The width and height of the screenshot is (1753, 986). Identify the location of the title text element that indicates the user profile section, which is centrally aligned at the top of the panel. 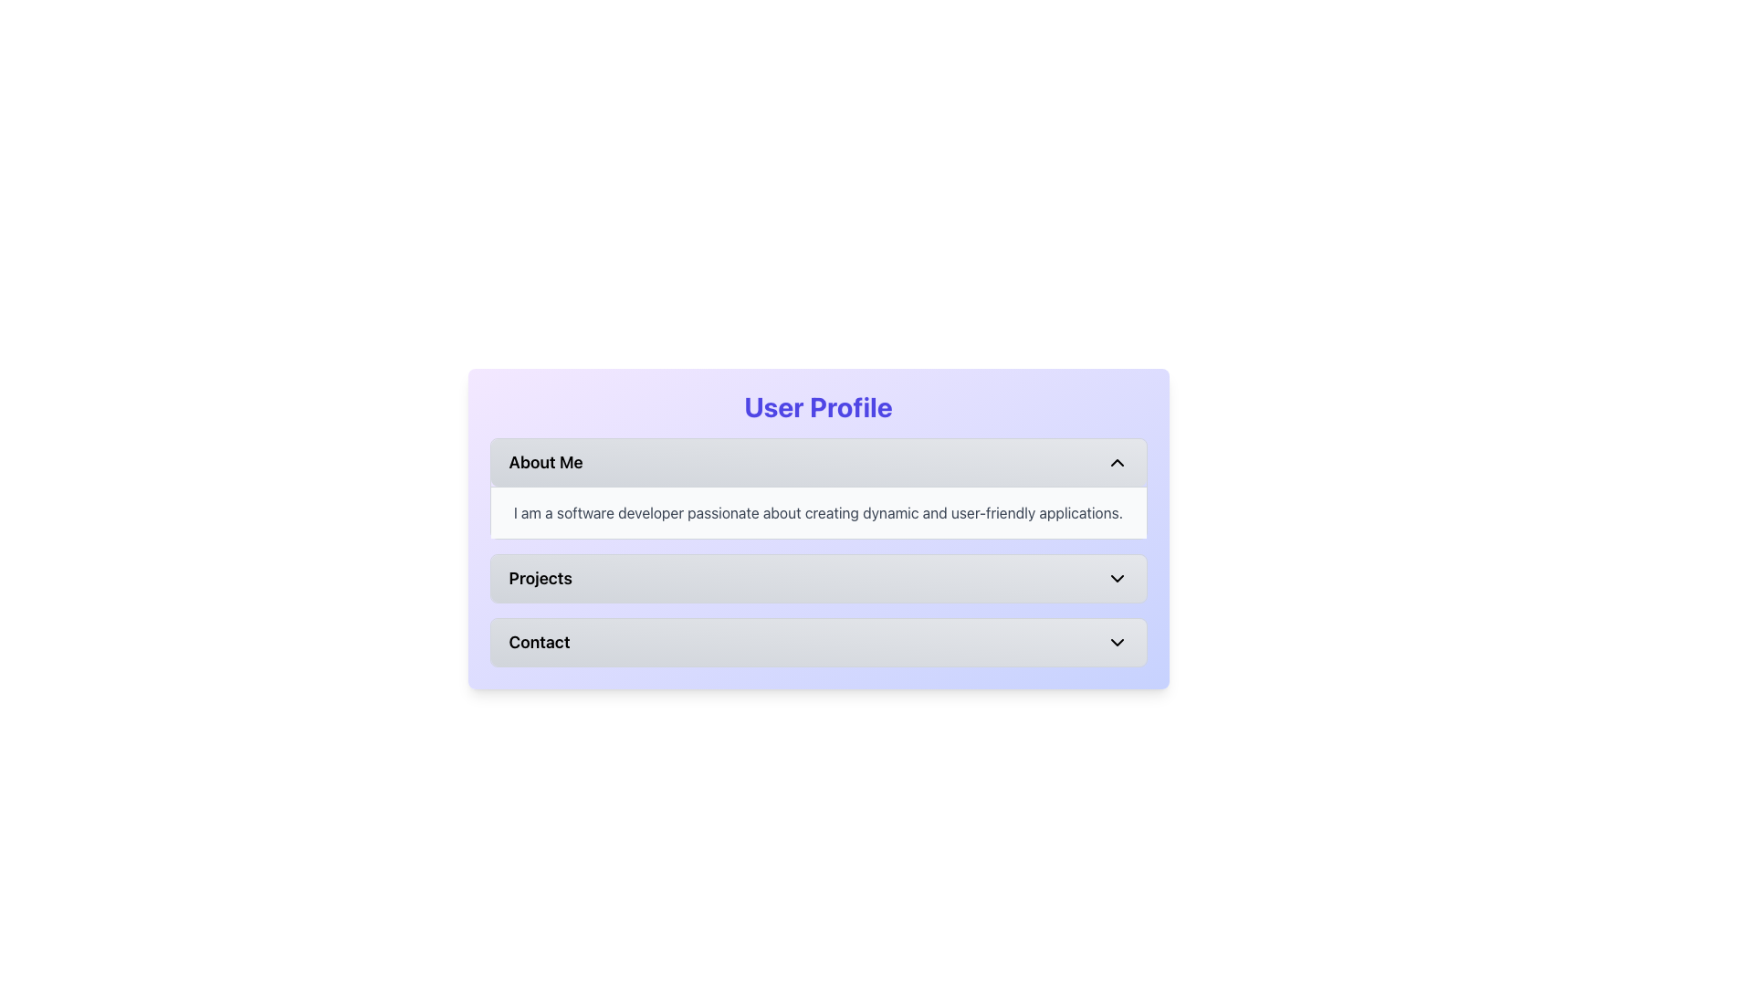
(817, 406).